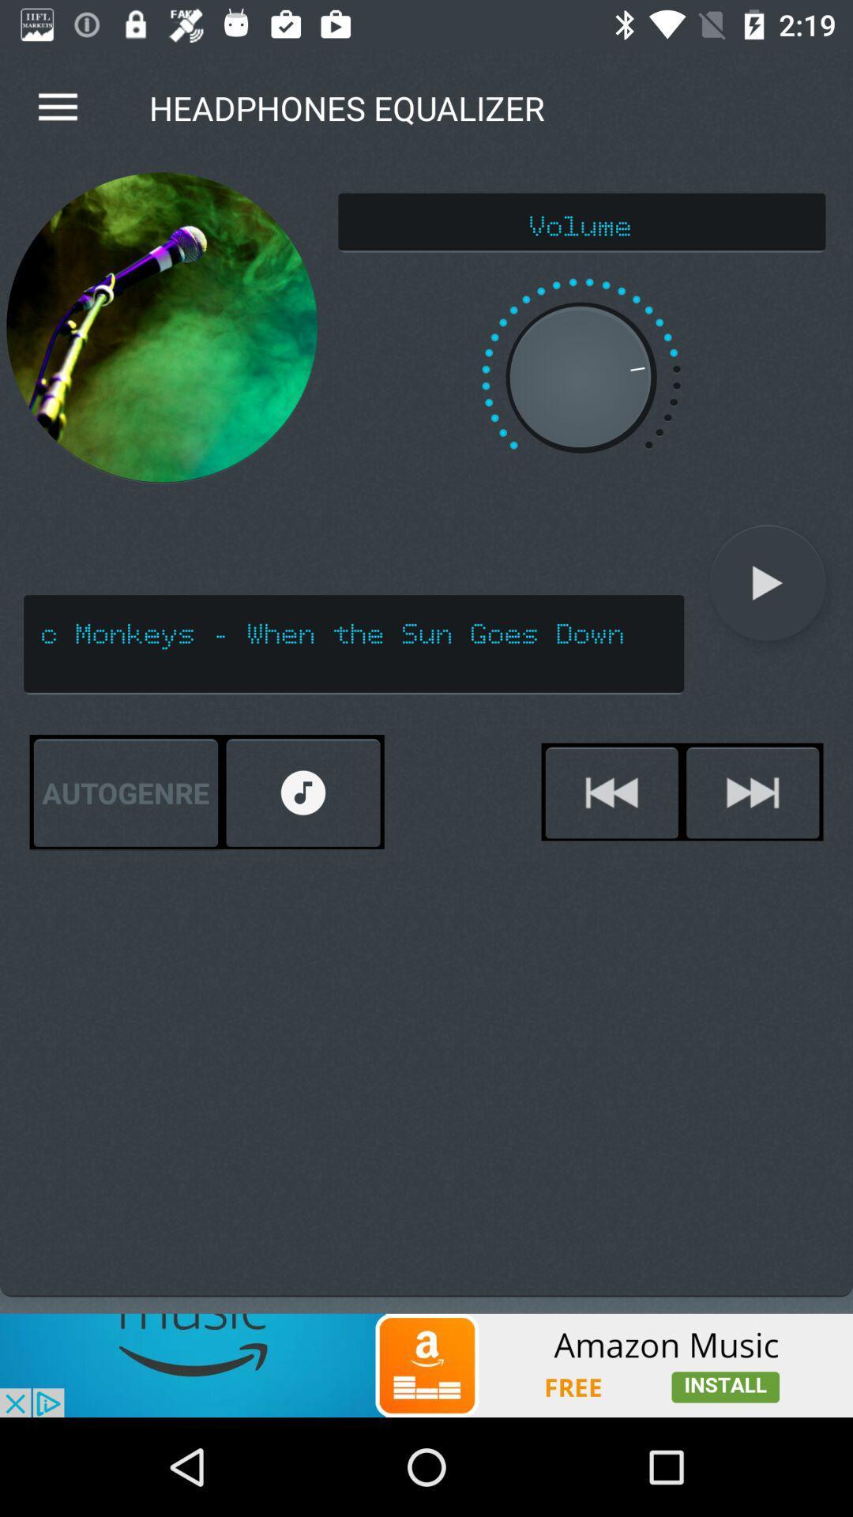 The width and height of the screenshot is (853, 1517). I want to click on the refresh icon, so click(303, 792).